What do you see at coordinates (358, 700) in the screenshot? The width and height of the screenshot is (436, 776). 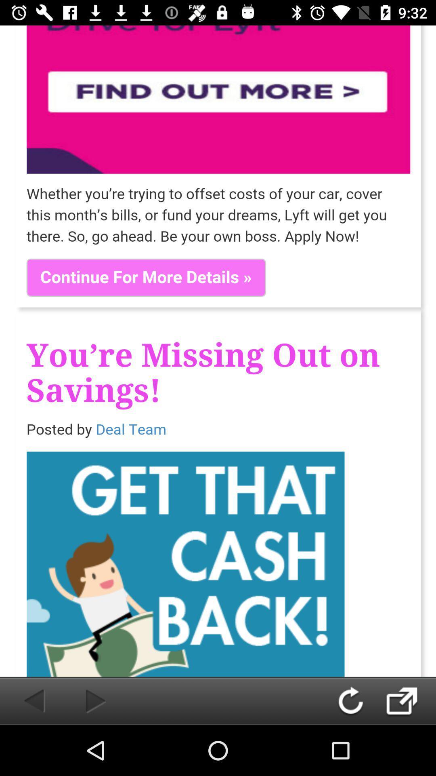 I see `the refresh icon` at bounding box center [358, 700].